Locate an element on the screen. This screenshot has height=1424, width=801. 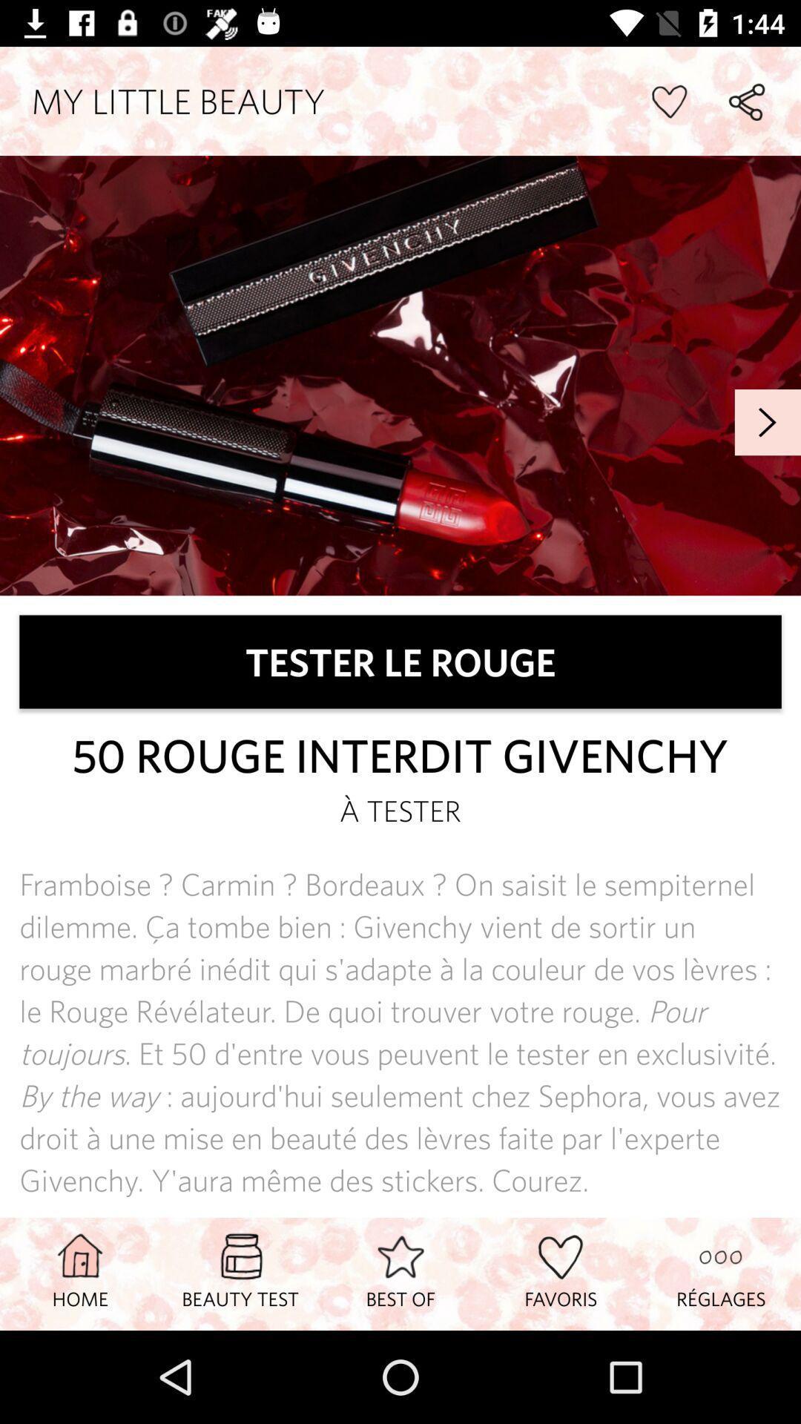
share page is located at coordinates (746, 100).